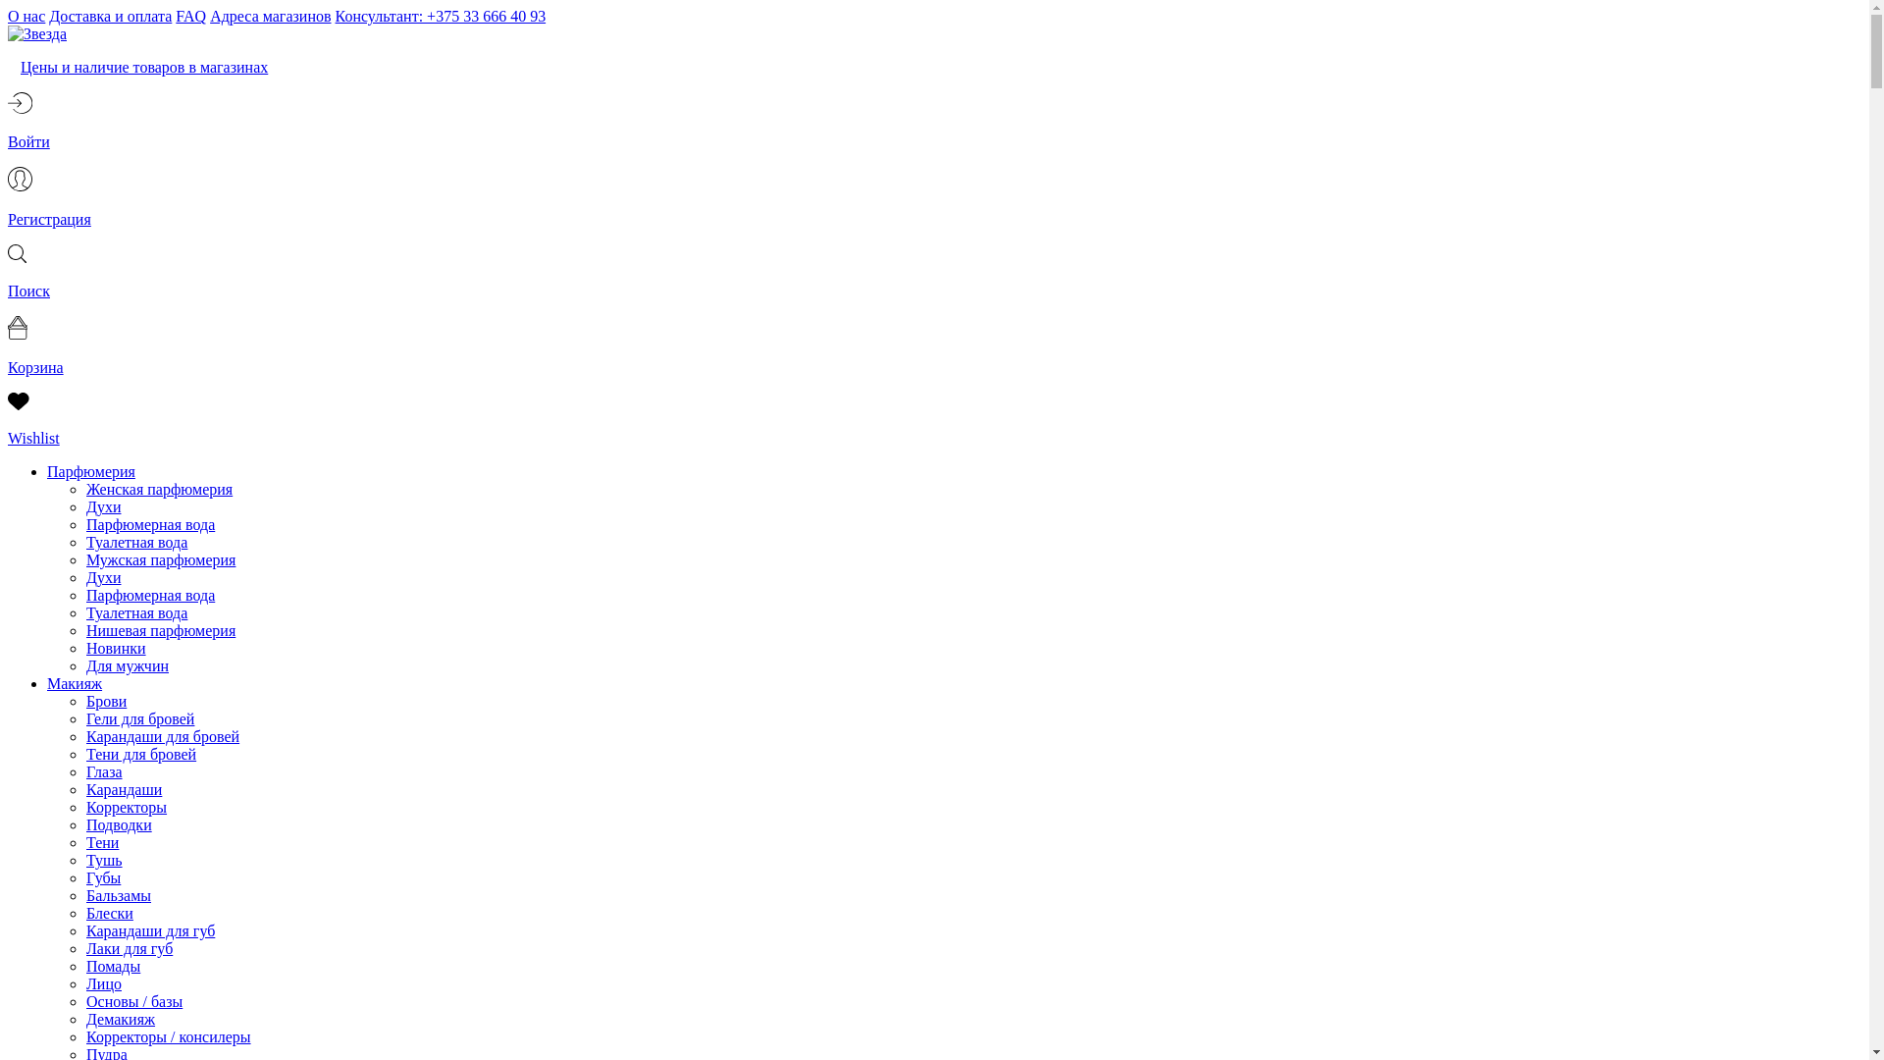 The height and width of the screenshot is (1060, 1884). What do you see at coordinates (190, 16) in the screenshot?
I see `'FAQ'` at bounding box center [190, 16].